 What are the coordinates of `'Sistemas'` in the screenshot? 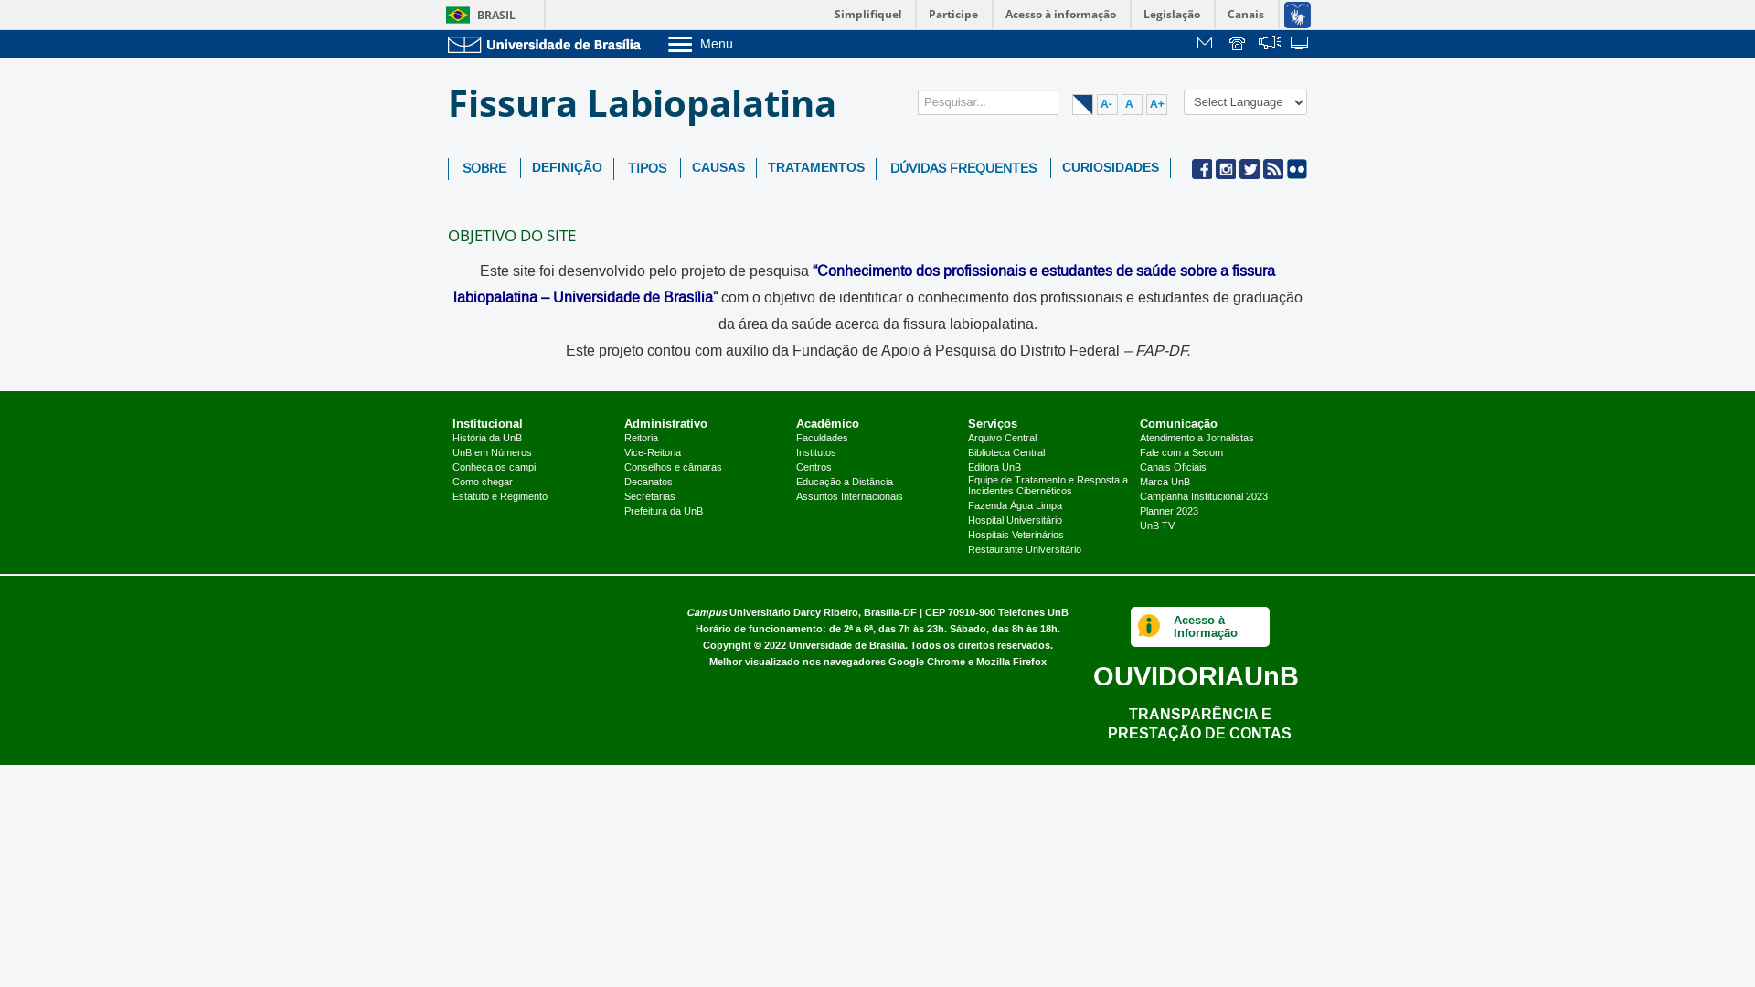 It's located at (1299, 44).